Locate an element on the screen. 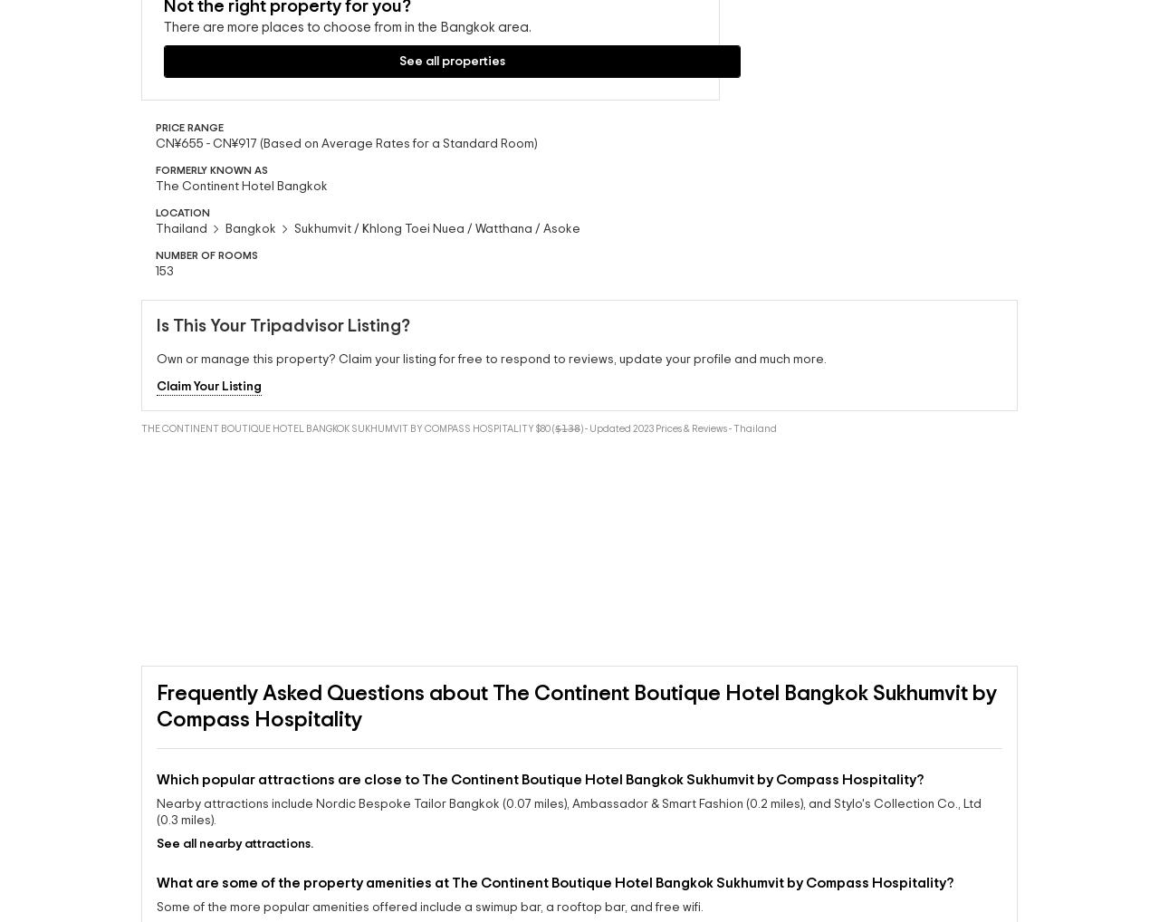  'There are more places to choose from in the' is located at coordinates (163, 76).